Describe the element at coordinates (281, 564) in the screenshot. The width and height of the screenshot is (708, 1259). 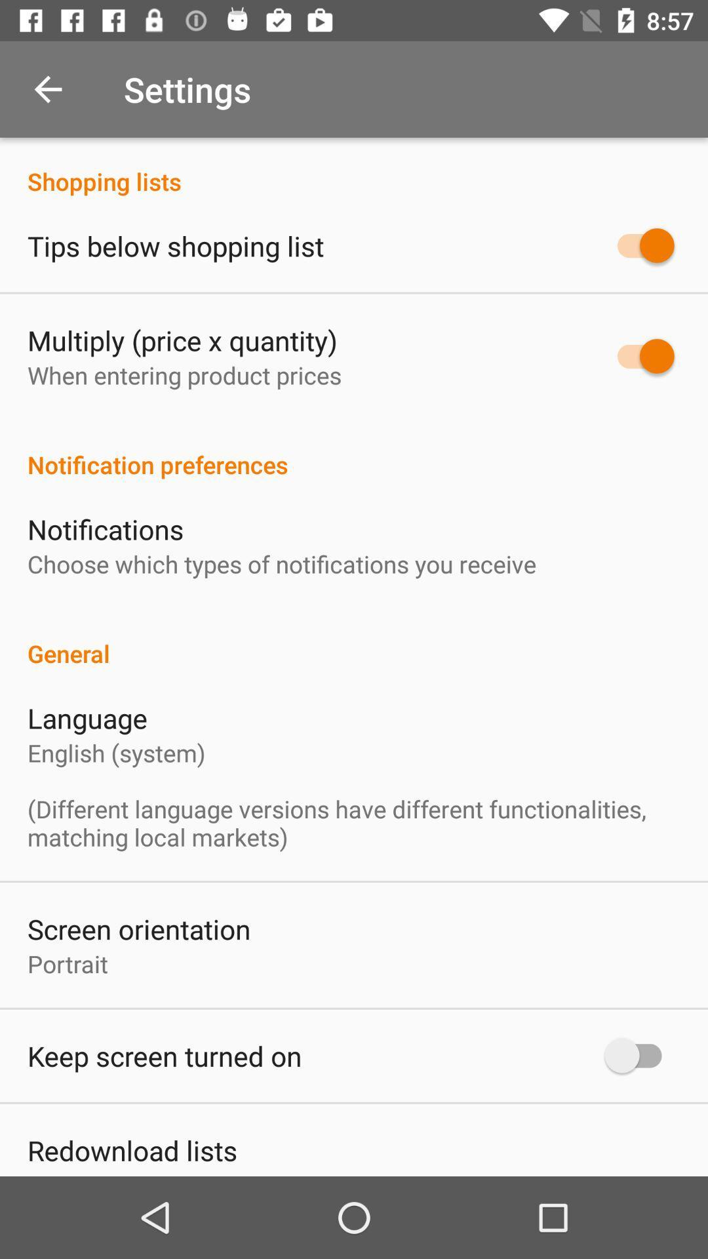
I see `the item below the notifications item` at that location.